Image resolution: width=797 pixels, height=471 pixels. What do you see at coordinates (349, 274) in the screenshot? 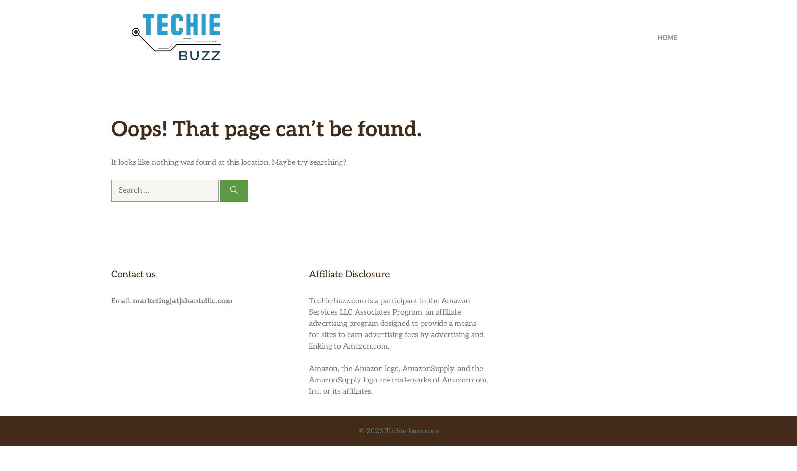
I see `'Affiliate Disclosure'` at bounding box center [349, 274].